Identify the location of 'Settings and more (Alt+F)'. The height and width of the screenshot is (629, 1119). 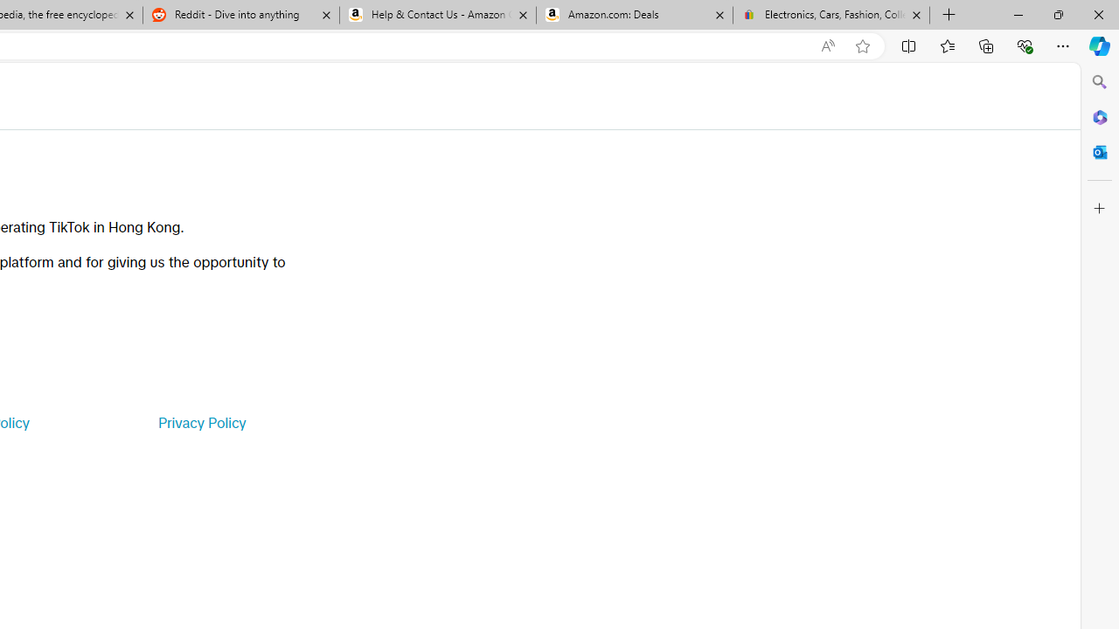
(1062, 45).